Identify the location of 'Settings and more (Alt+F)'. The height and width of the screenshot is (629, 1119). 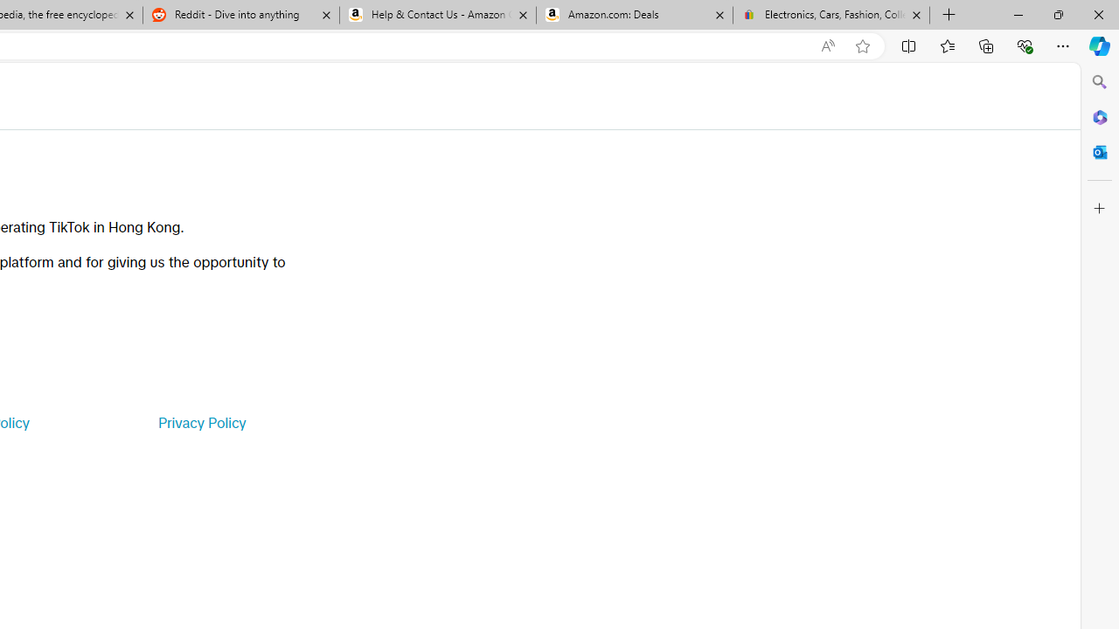
(1062, 45).